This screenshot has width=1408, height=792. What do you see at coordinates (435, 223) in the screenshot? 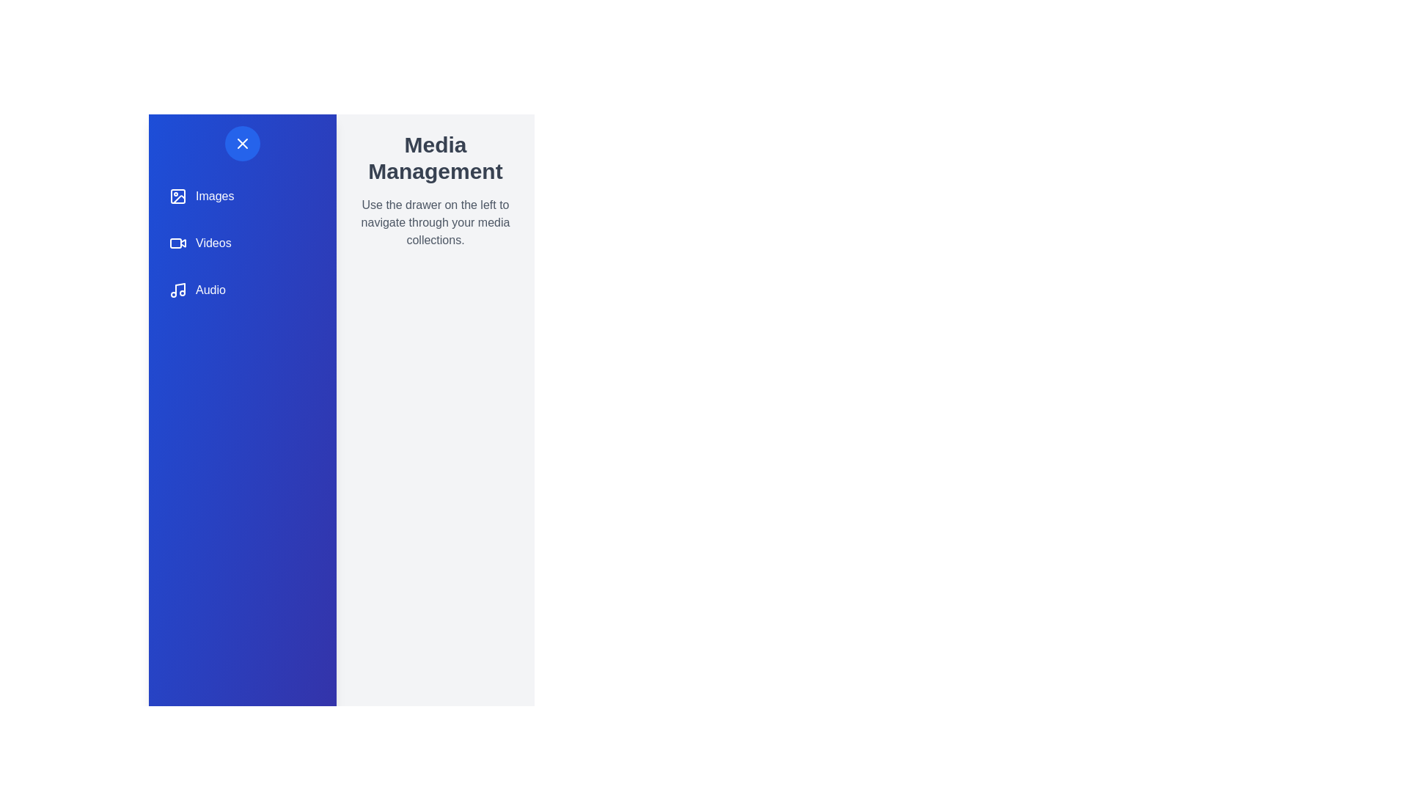
I see `the instructional text element located below the 'Media Management' heading in the main content area` at bounding box center [435, 223].